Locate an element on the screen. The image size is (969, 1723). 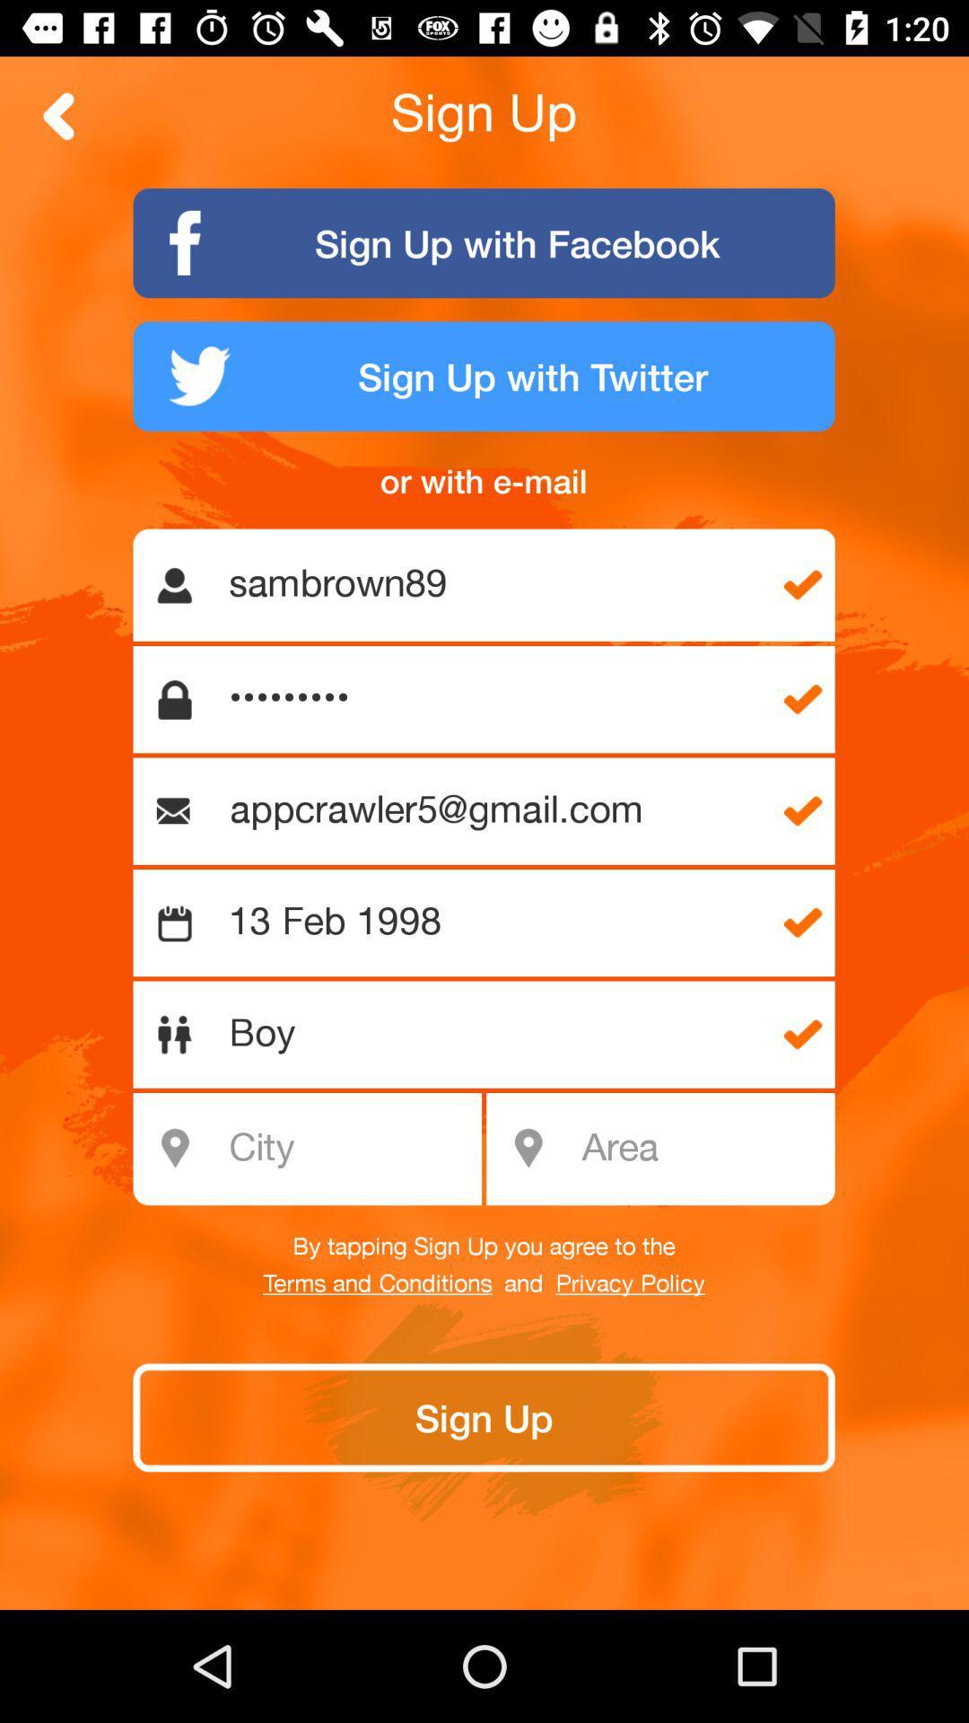
area code is located at coordinates (702, 1149).